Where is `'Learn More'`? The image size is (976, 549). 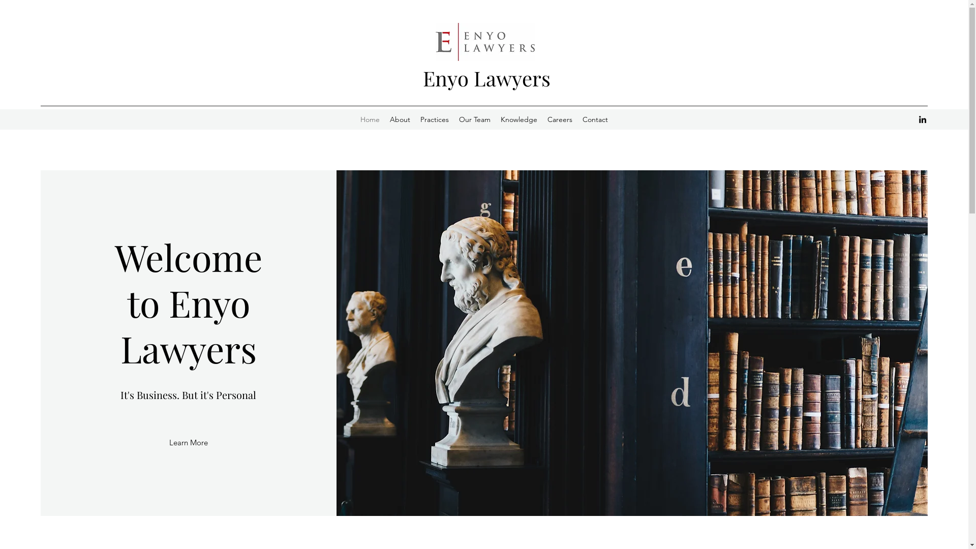 'Learn More' is located at coordinates (169, 442).